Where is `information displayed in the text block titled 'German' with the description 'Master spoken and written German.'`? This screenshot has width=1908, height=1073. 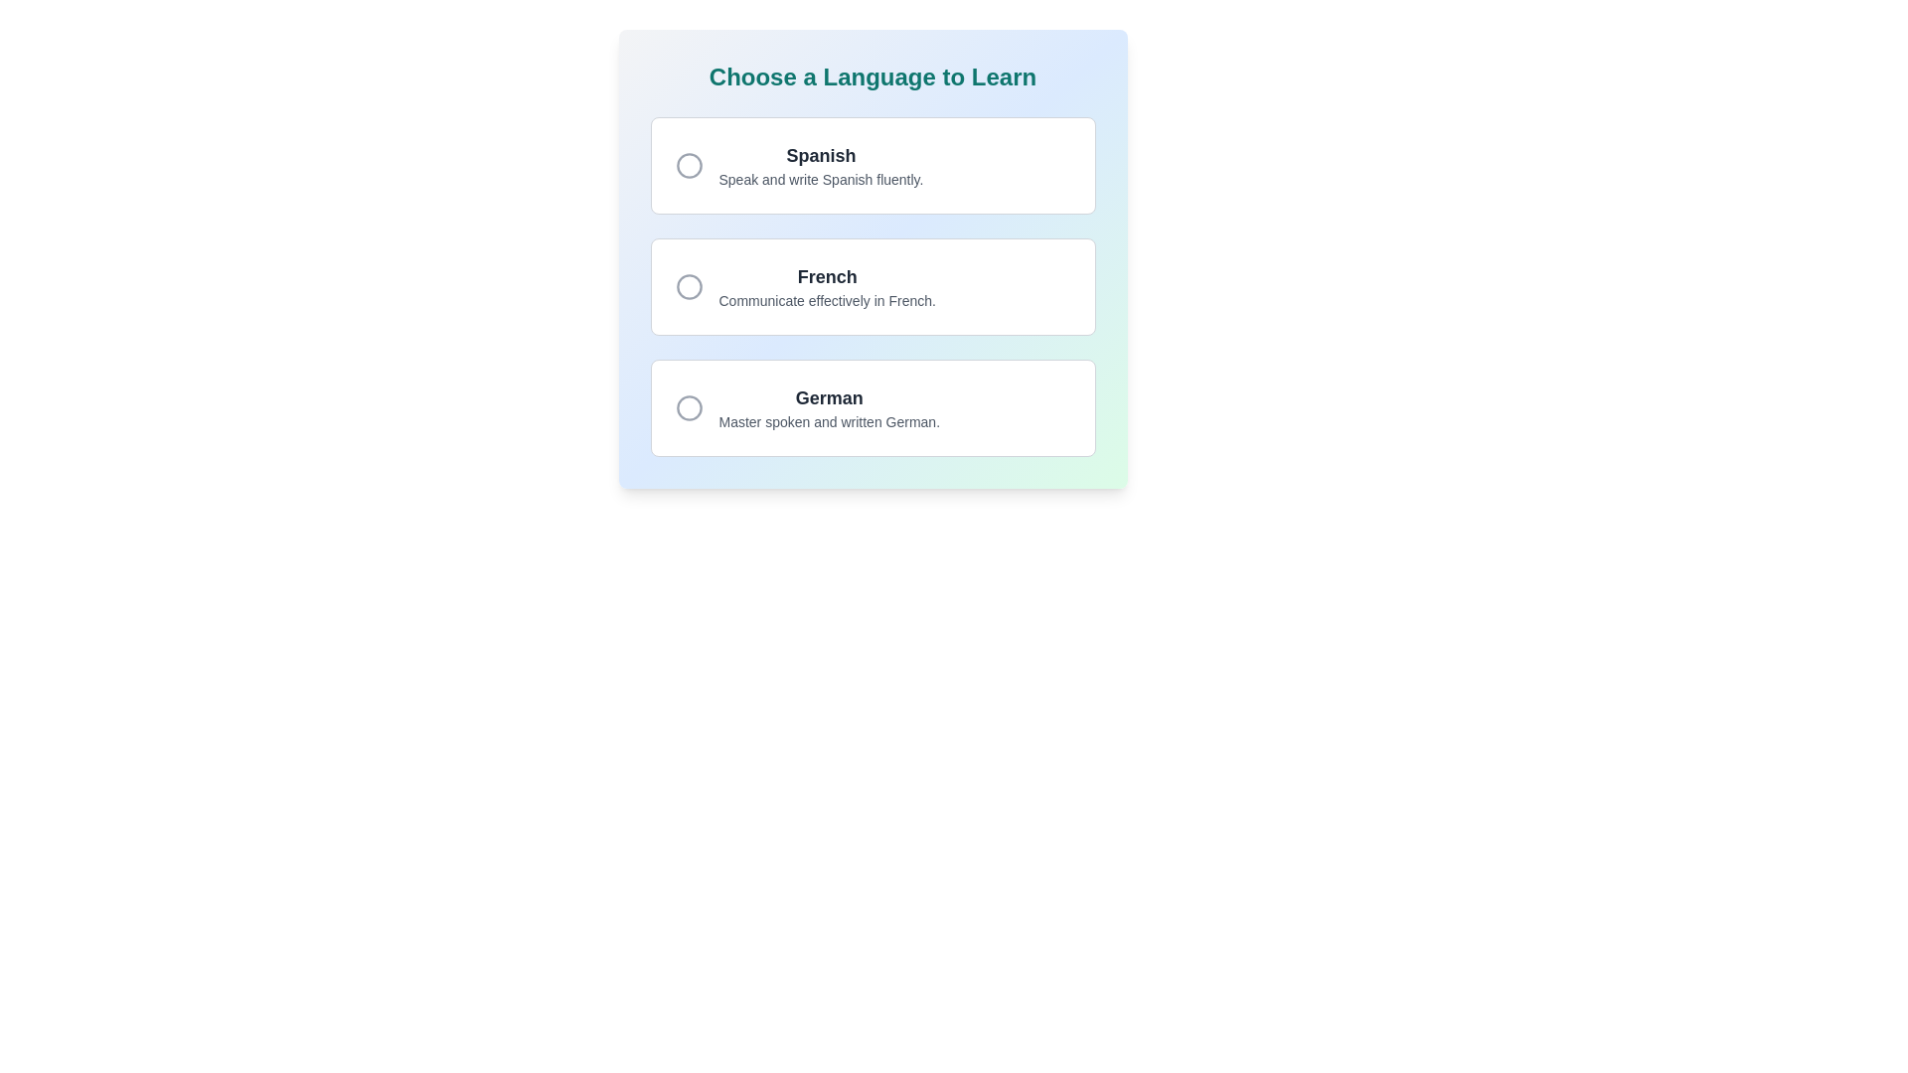 information displayed in the text block titled 'German' with the description 'Master spoken and written German.' is located at coordinates (829, 407).